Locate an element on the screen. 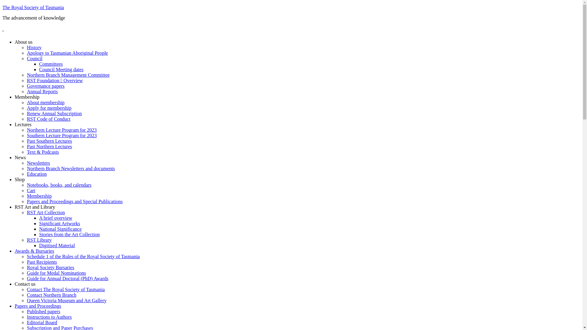 The width and height of the screenshot is (587, 330). 'Shop' is located at coordinates (20, 179).